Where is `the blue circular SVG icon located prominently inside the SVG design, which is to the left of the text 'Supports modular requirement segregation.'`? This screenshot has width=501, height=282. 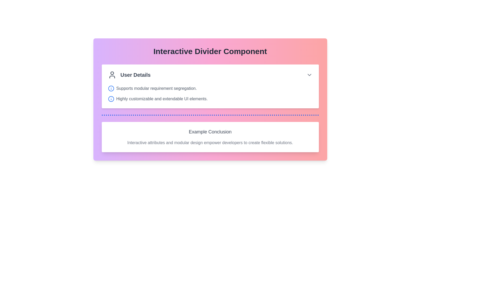
the blue circular SVG icon located prominently inside the SVG design, which is to the left of the text 'Supports modular requirement segregation.' is located at coordinates (111, 99).